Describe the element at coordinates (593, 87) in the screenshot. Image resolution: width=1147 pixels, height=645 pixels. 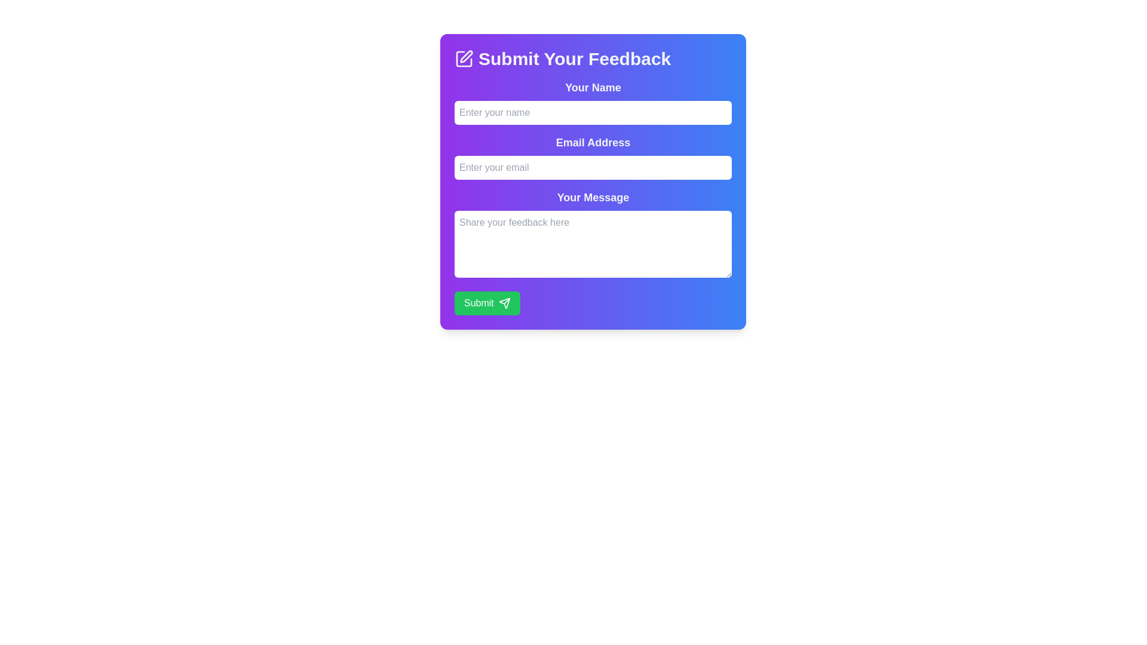
I see `the static text label 'Your Name' which is styled in bold and positioned centrally above the input field` at that location.